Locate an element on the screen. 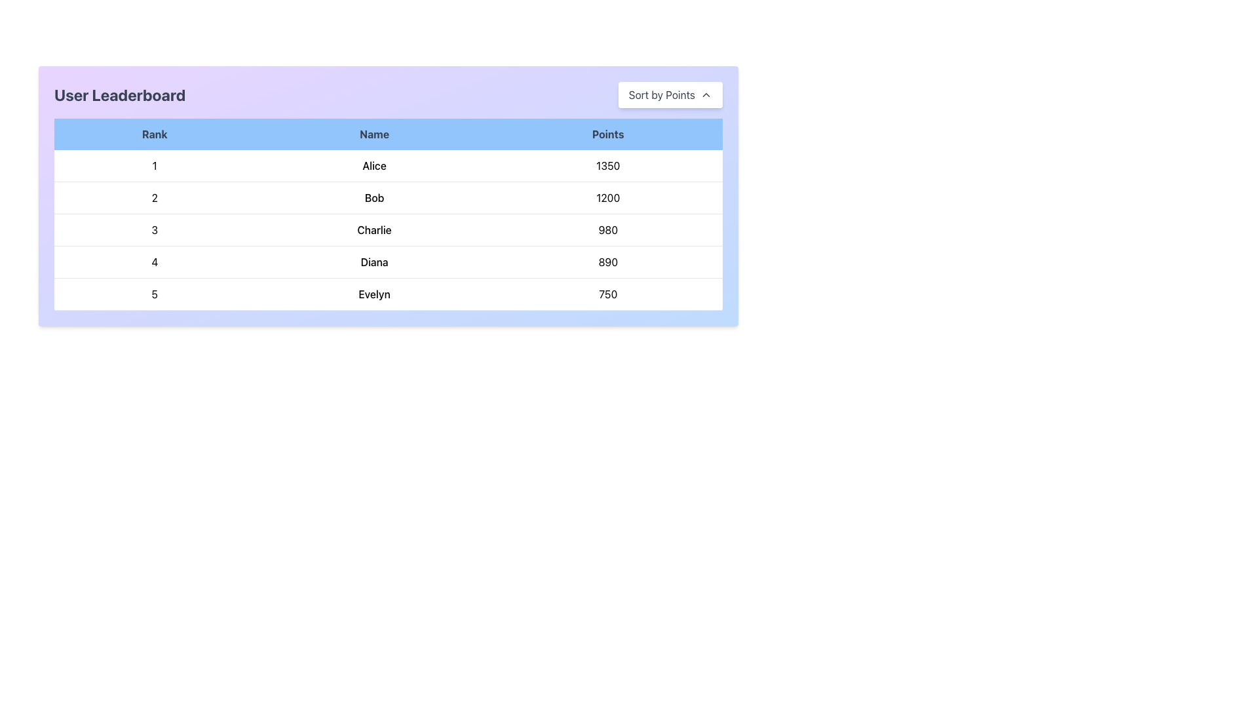 This screenshot has width=1258, height=708. text content '980' from the table cell located in the third row and third column of the table, which displays the number in black font is located at coordinates (607, 229).